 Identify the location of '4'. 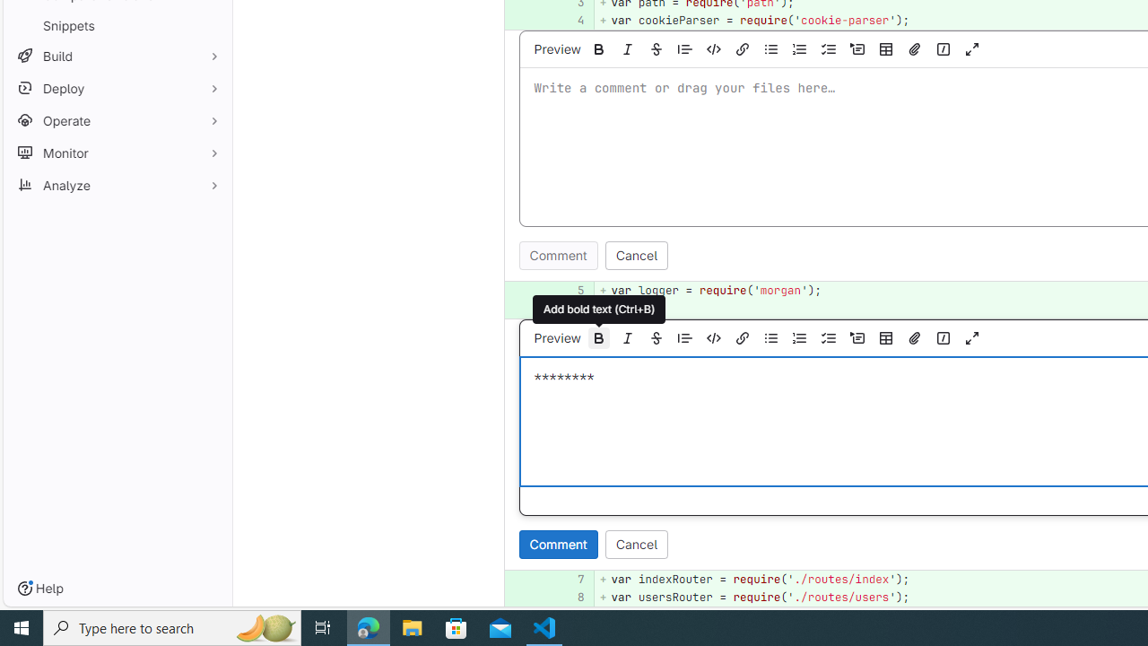
(570, 21).